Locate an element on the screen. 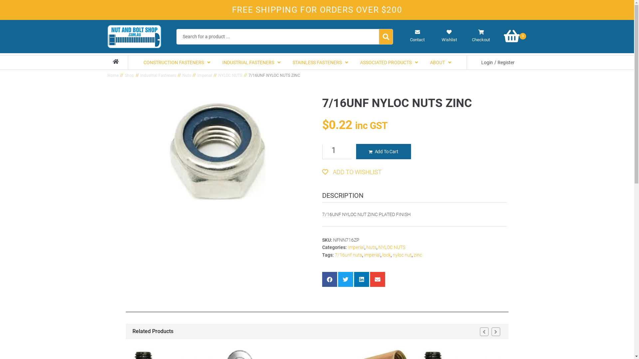 This screenshot has height=359, width=639. 'Imperial' is located at coordinates (355, 247).